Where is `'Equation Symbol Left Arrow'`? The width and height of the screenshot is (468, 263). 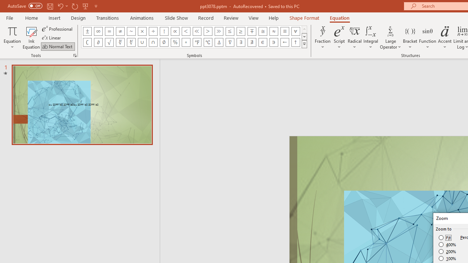 'Equation Symbol Left Arrow' is located at coordinates (284, 42).